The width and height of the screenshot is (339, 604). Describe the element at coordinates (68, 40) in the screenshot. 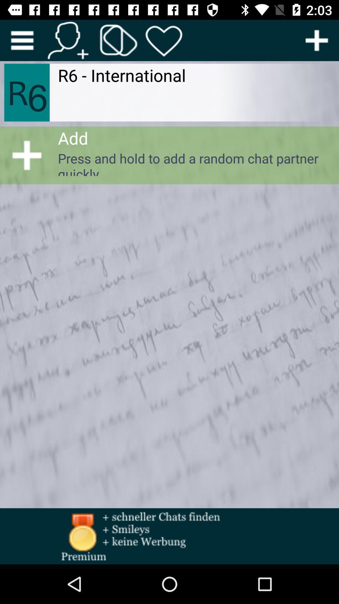

I see `contacts` at that location.